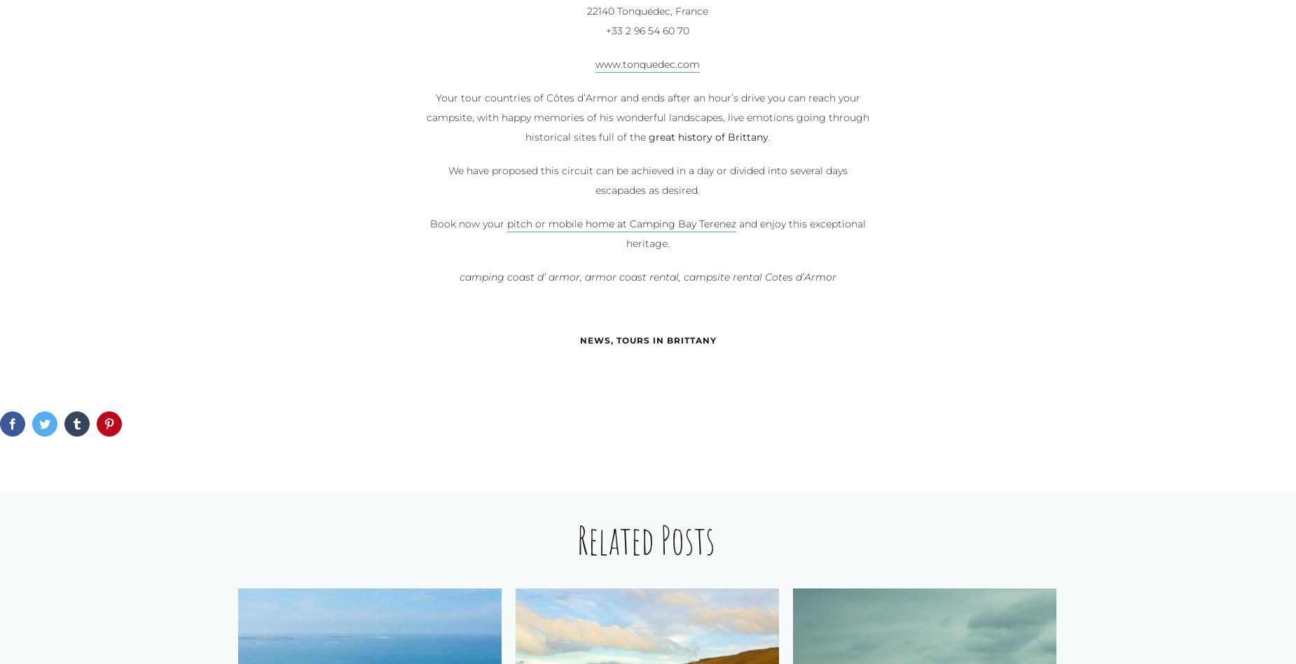 The image size is (1296, 664). I want to click on 'Your tour countries of Côtes d’Armor and ends after an hour’s drive you can reach your campsite, with happy memories of his wonderful landscapes, live emotions going through historical sites full of the', so click(425, 118).